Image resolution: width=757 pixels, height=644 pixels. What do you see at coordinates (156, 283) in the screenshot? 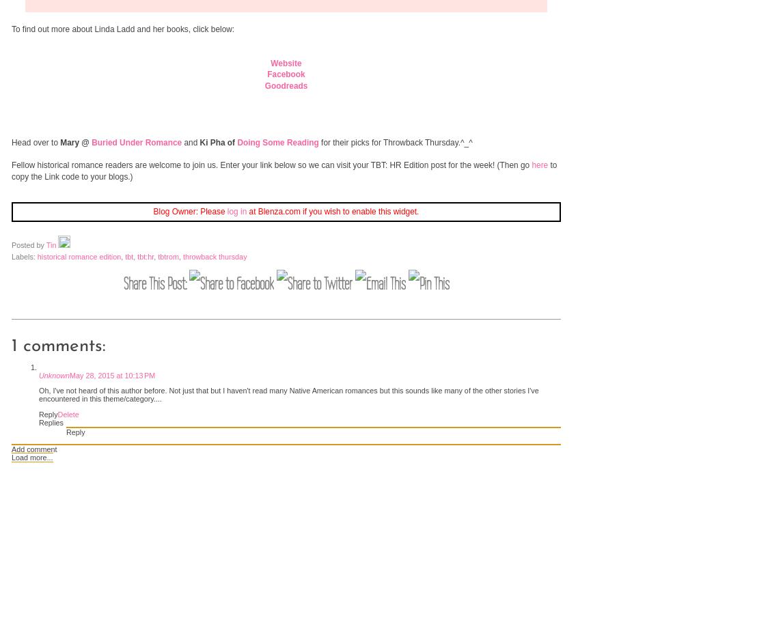
I see `'Share This Post:'` at bounding box center [156, 283].